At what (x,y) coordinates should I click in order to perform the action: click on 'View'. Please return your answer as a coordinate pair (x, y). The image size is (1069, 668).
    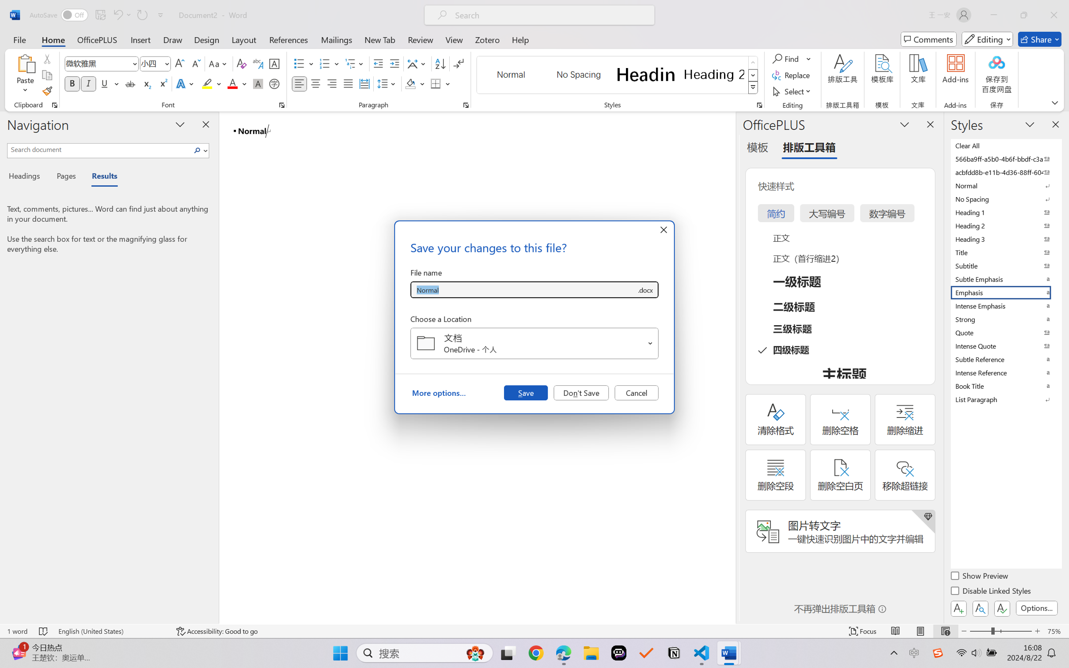
    Looking at the image, I should click on (454, 39).